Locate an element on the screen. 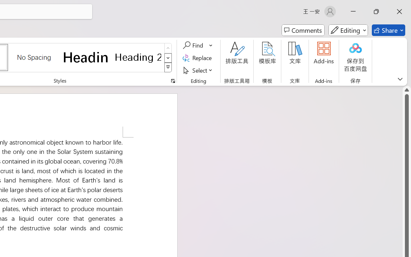  'Styles' is located at coordinates (168, 67).